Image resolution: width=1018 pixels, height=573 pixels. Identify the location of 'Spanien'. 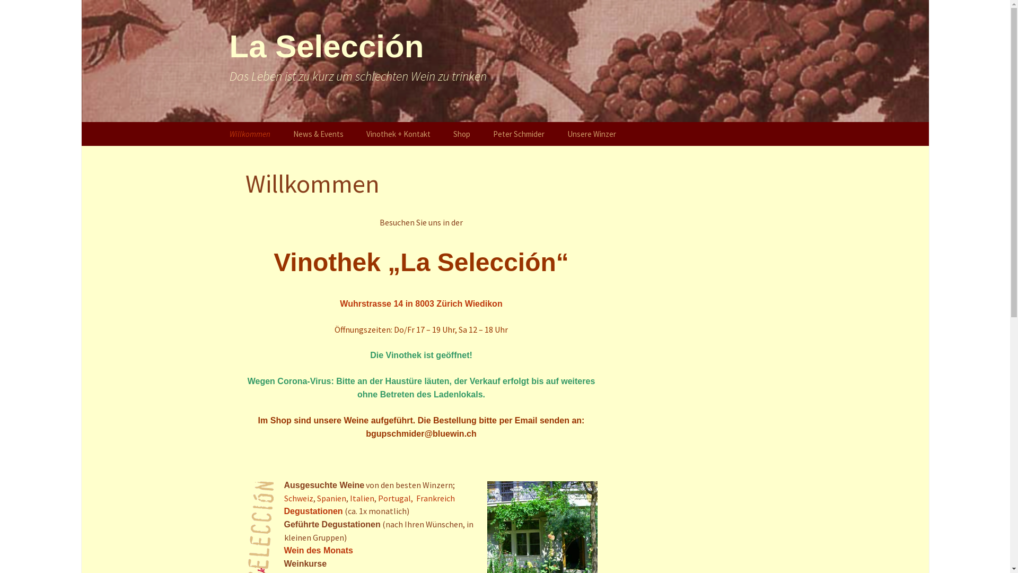
(331, 498).